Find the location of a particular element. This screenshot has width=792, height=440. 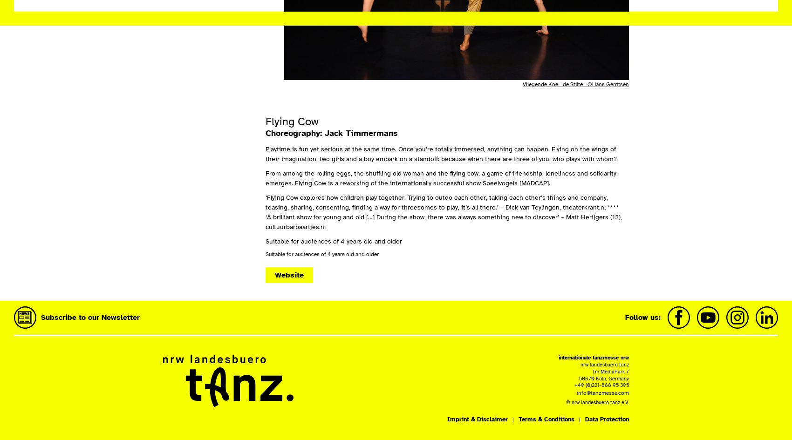

'‘A brilliant show for young and old […] During the show, there was always something new to discover’ – Matt Herijgers (12), cultuurbarbaartjes.nl' is located at coordinates (265, 222).